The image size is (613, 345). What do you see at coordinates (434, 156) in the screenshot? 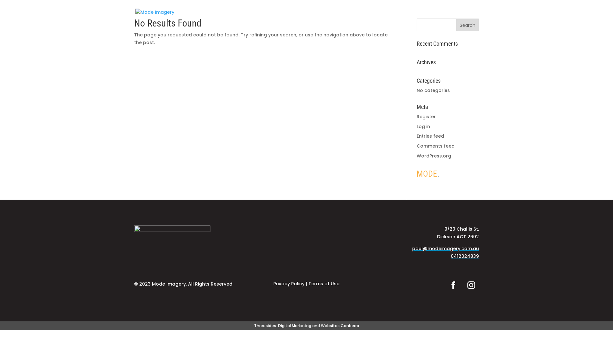
I see `'WordPress.org'` at bounding box center [434, 156].